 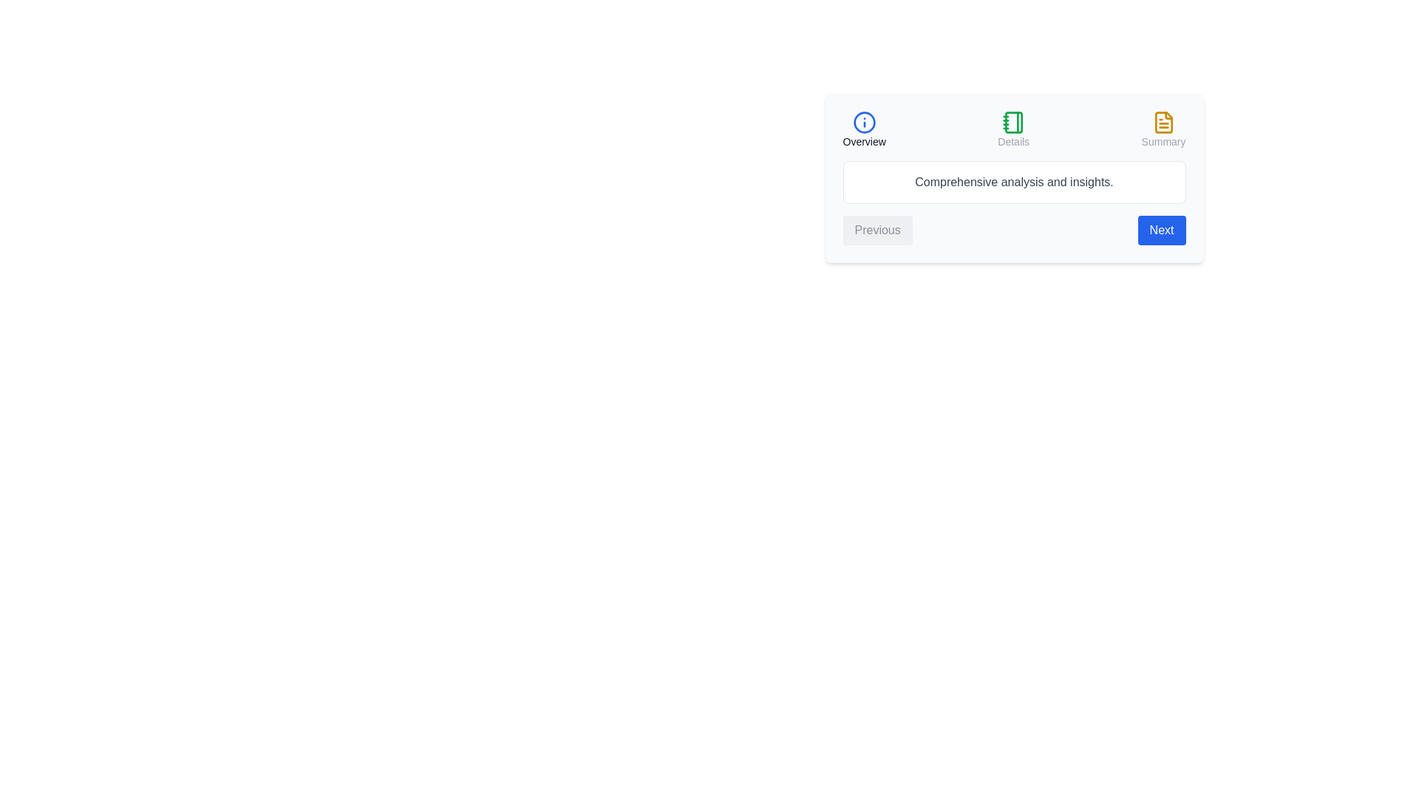 I want to click on the step titled Summary to navigate to that step, so click(x=1163, y=129).